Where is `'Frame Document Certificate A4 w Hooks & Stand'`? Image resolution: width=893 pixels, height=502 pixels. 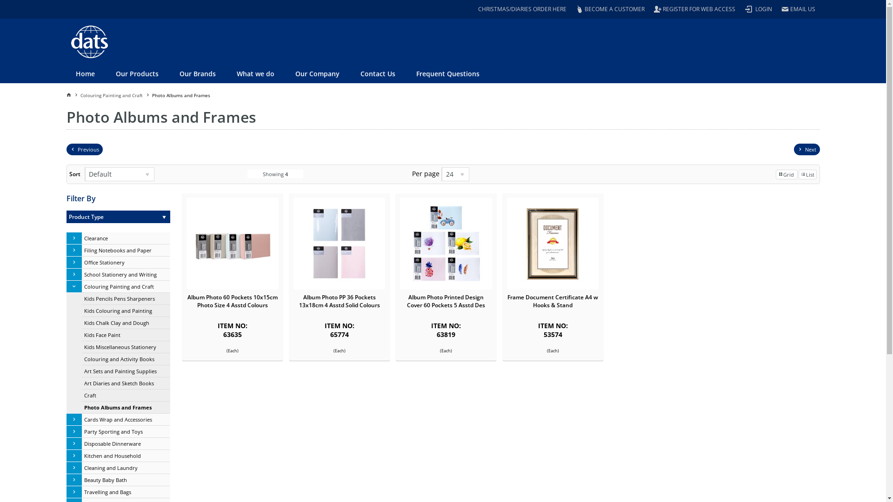 'Frame Document Certificate A4 w Hooks & Stand' is located at coordinates (553, 243).